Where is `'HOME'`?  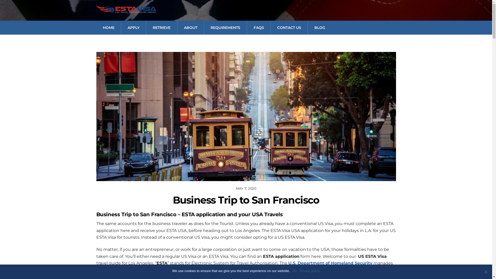 'HOME' is located at coordinates (96, 28).